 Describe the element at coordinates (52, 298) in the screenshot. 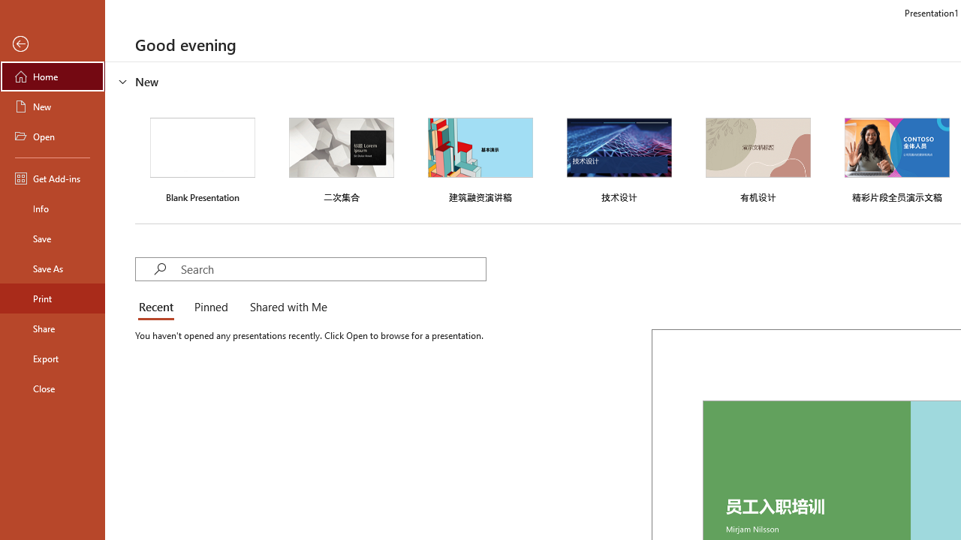

I see `'Print'` at that location.